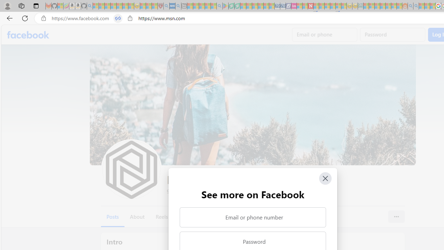  Describe the element at coordinates (371, 6) in the screenshot. I see `'Microsoft account | Privacy - Sleeping'` at that location.